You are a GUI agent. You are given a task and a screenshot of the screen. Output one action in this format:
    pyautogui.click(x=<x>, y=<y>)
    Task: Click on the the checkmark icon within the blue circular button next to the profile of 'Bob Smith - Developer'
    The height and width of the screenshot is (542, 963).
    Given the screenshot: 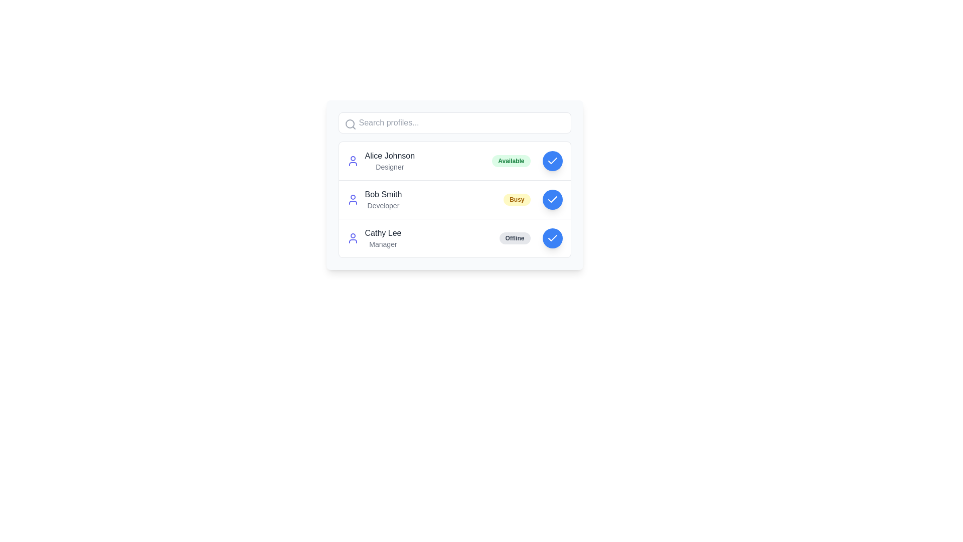 What is the action you would take?
    pyautogui.click(x=552, y=199)
    